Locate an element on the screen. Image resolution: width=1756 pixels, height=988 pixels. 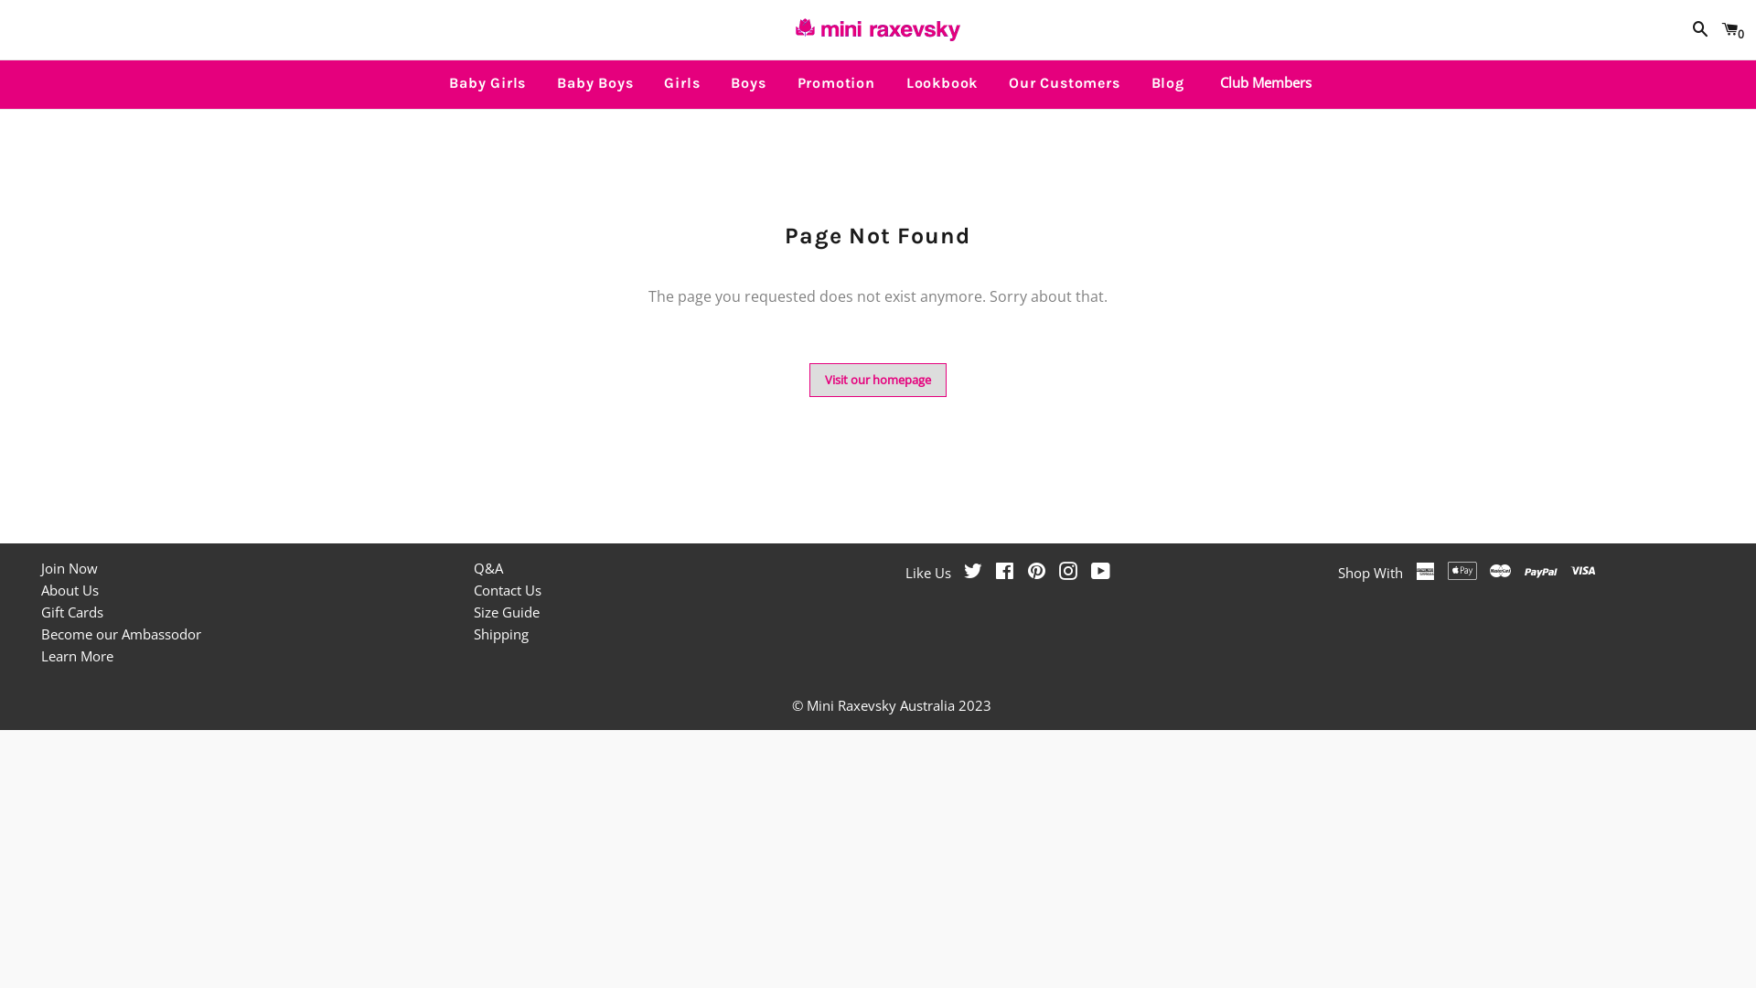
'Baby Boys' is located at coordinates (594, 83).